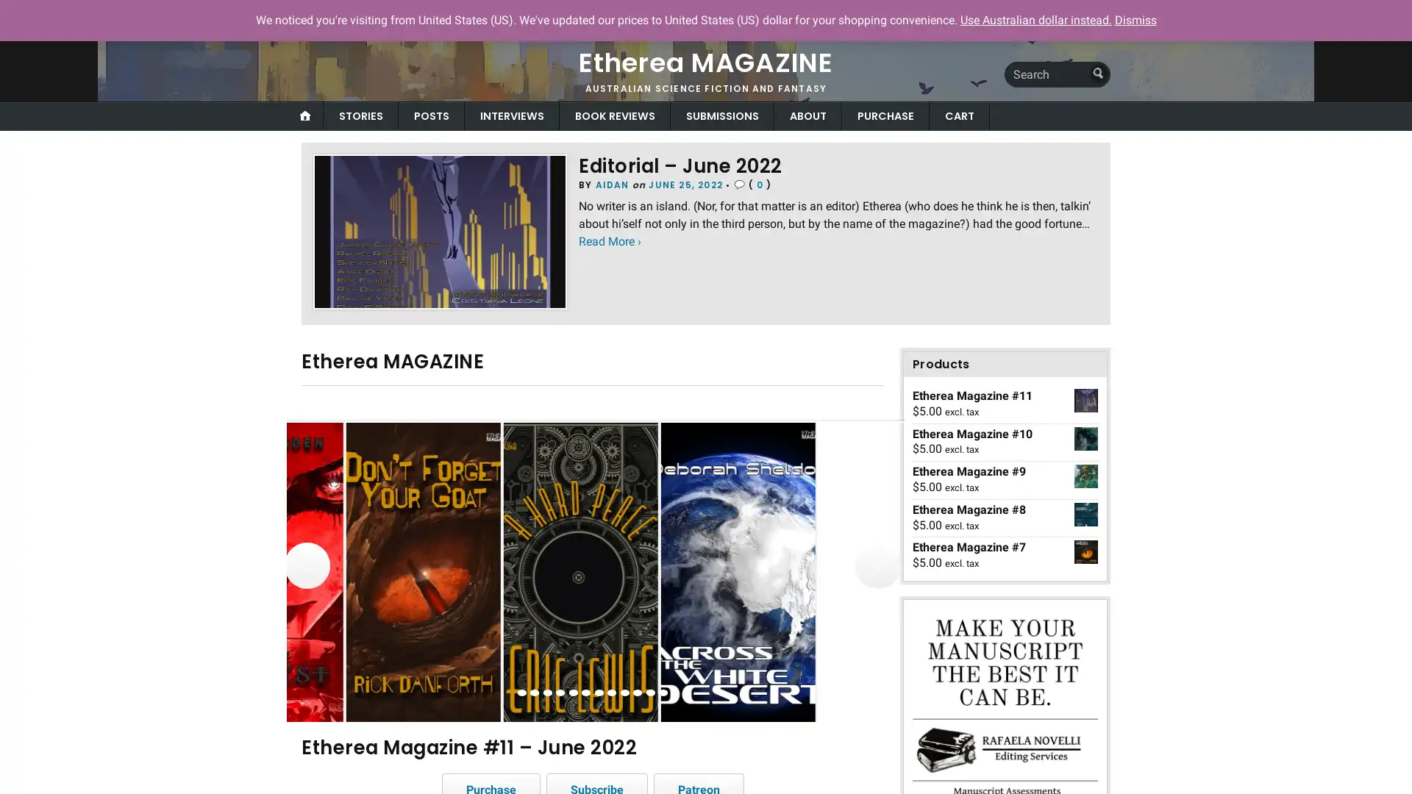 Image resolution: width=1412 pixels, height=794 pixels. I want to click on view image 12 of 12 in carousel, so click(663, 692).